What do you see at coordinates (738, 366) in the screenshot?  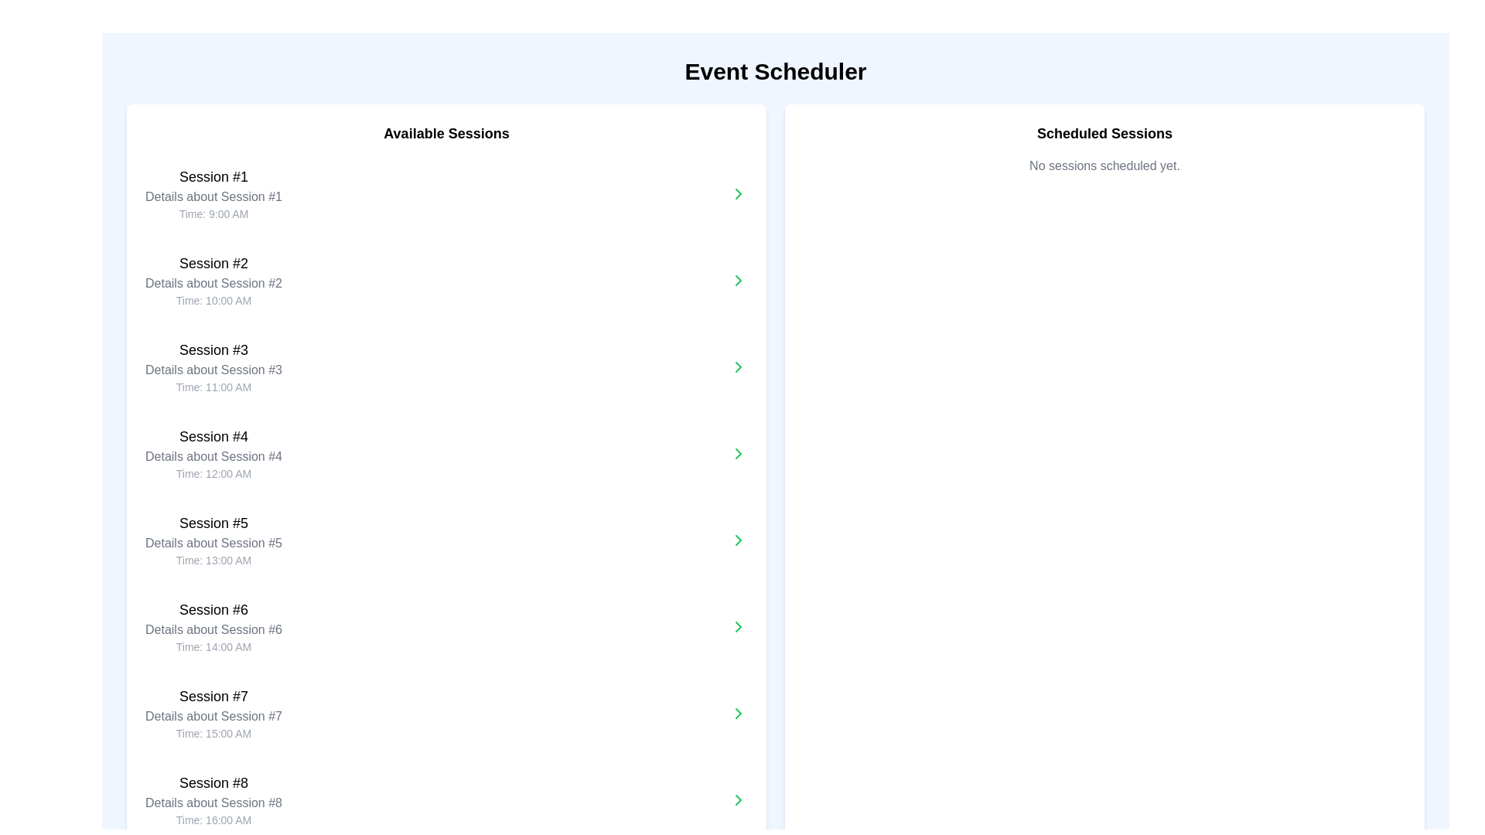 I see `the sixth Chevron indicator, styled as an SVG graphic, located to the right of 'Session #5' in the 'Available Sessions' section` at bounding box center [738, 366].